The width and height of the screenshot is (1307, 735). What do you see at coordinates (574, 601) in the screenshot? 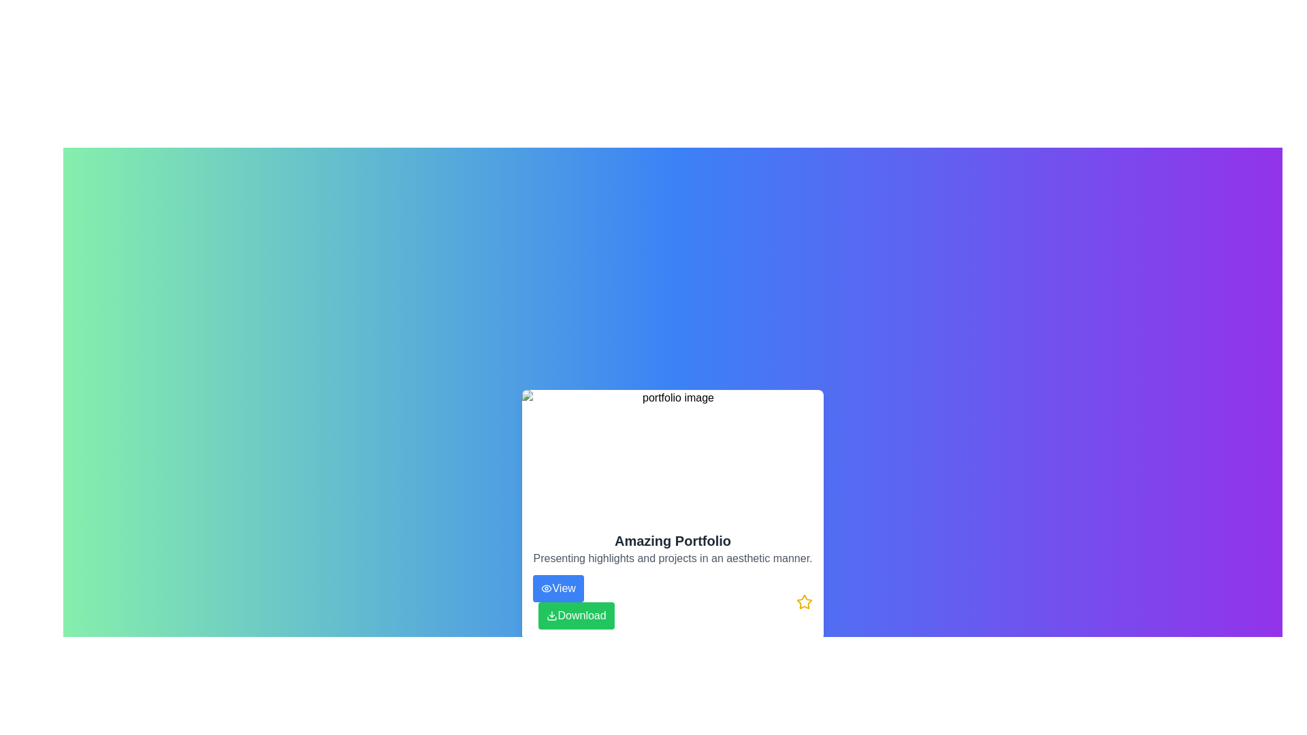
I see `the green 'Download' button with rounded corners located below the blue 'View' button` at bounding box center [574, 601].